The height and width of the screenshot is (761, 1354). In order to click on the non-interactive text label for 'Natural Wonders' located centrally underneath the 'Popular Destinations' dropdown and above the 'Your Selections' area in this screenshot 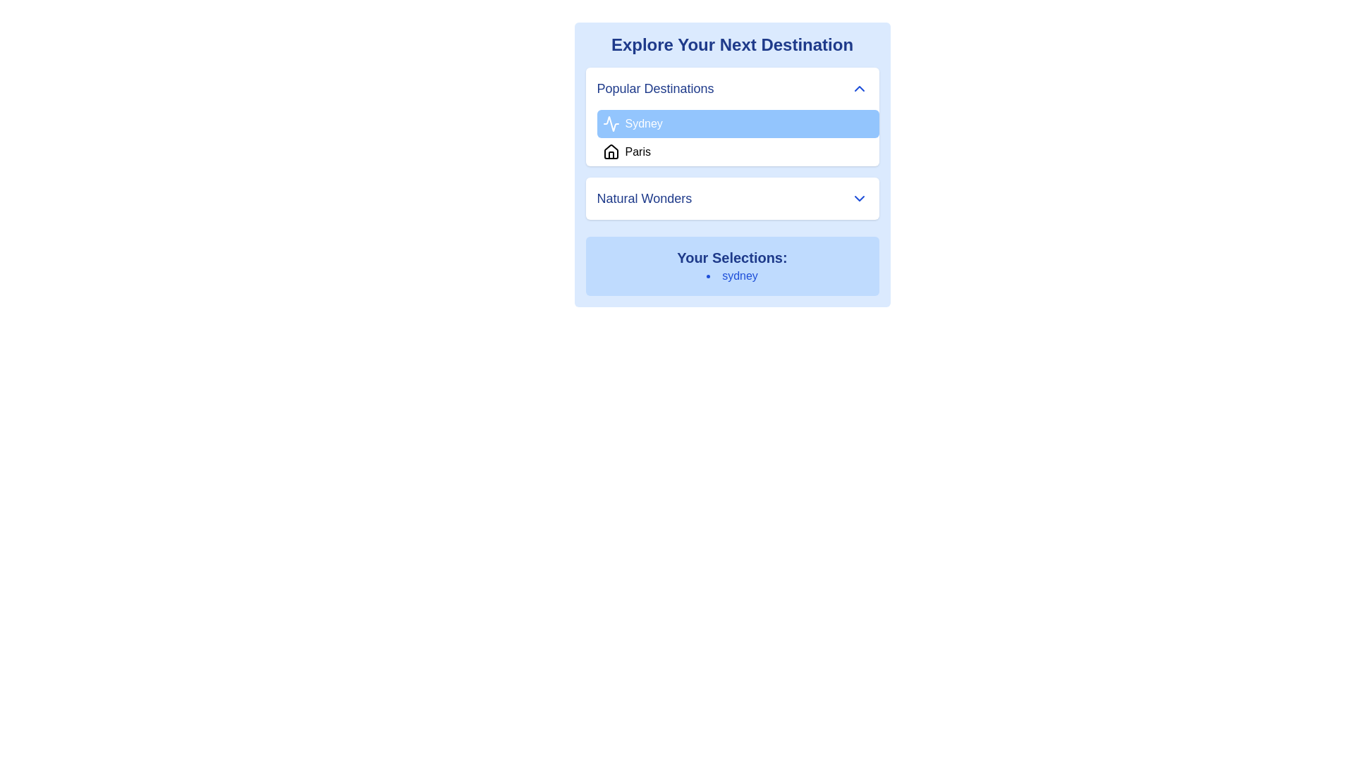, I will do `click(643, 198)`.